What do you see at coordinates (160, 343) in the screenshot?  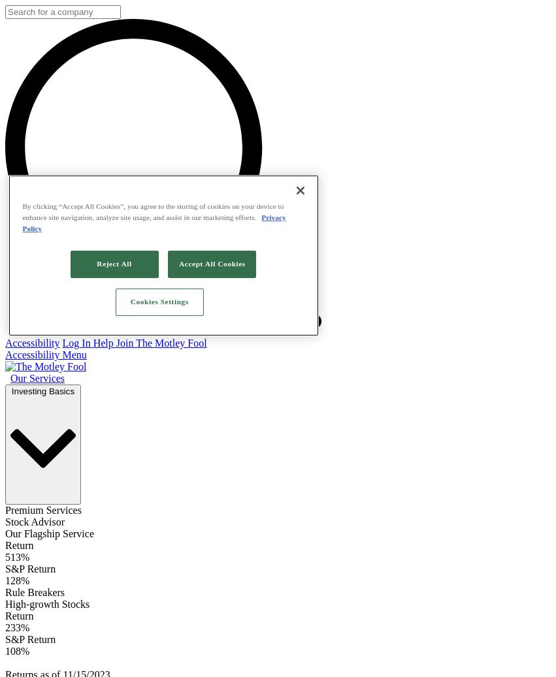 I see `'Join The Motley Fool'` at bounding box center [160, 343].